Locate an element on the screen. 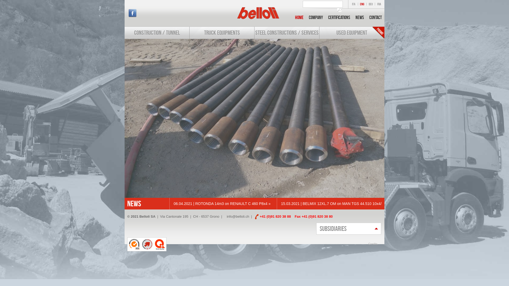 The height and width of the screenshot is (286, 509). 'STEEL CONSTRUCTIONS / SERVICES' is located at coordinates (255, 33).